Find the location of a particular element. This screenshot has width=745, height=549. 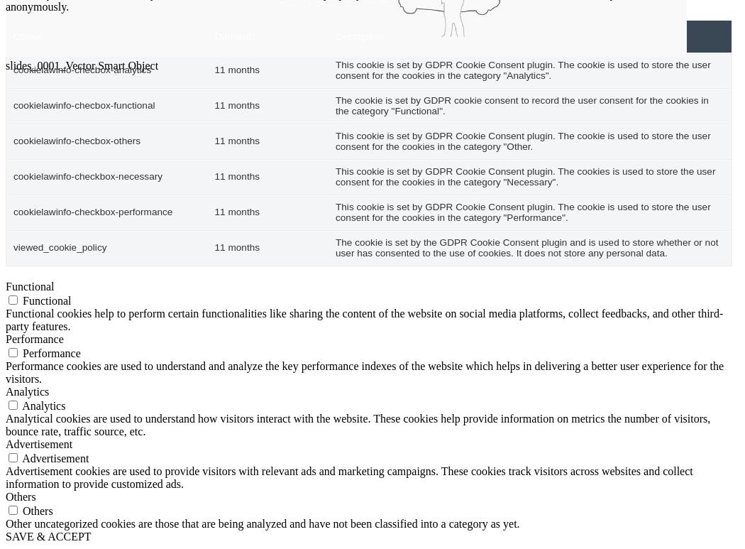

'cookielawinfo-checbox-others' is located at coordinates (77, 140).